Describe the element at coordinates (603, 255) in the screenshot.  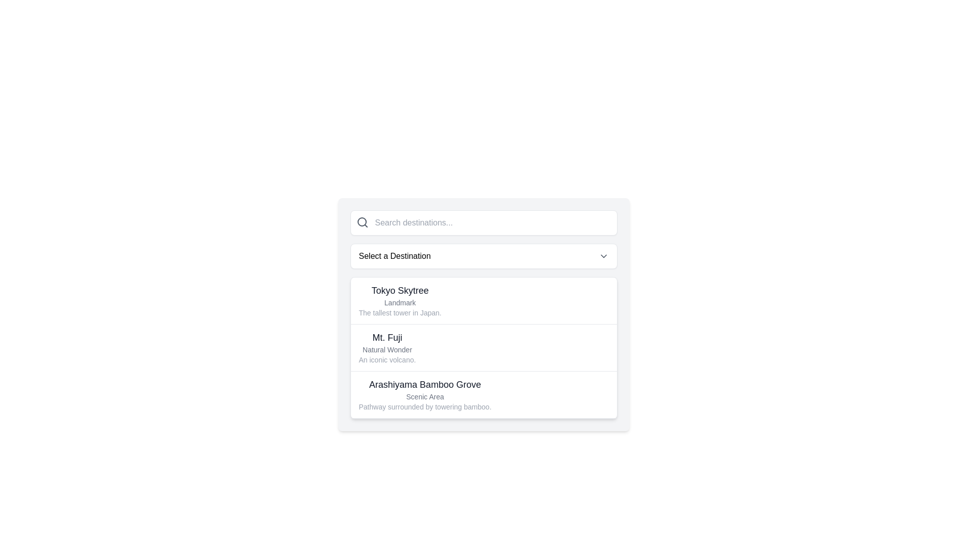
I see `the downward-facing chevron icon next to the 'Select a Destination' label` at that location.